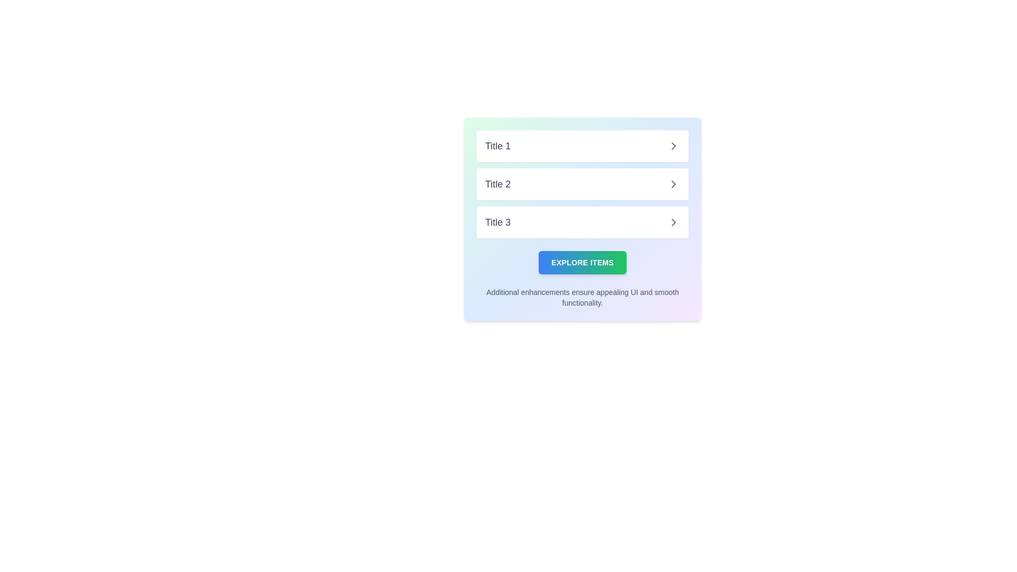  I want to click on the rightward-pointing chevron icon located in the section labeled 'Title 3', so click(673, 222).